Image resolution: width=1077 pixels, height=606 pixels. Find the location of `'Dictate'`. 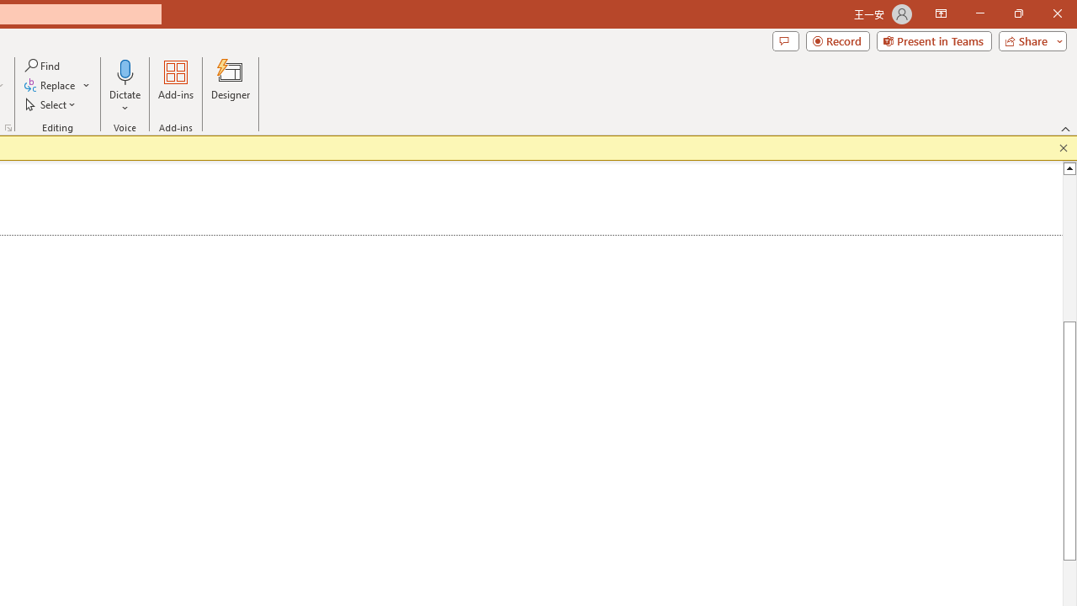

'Dictate' is located at coordinates (125, 71).